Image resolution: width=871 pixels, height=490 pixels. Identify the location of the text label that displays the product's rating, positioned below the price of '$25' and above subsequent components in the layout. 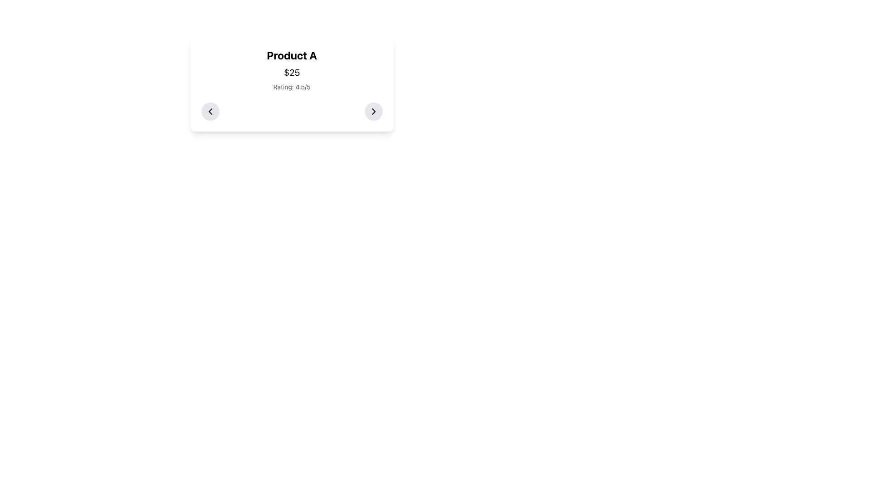
(292, 87).